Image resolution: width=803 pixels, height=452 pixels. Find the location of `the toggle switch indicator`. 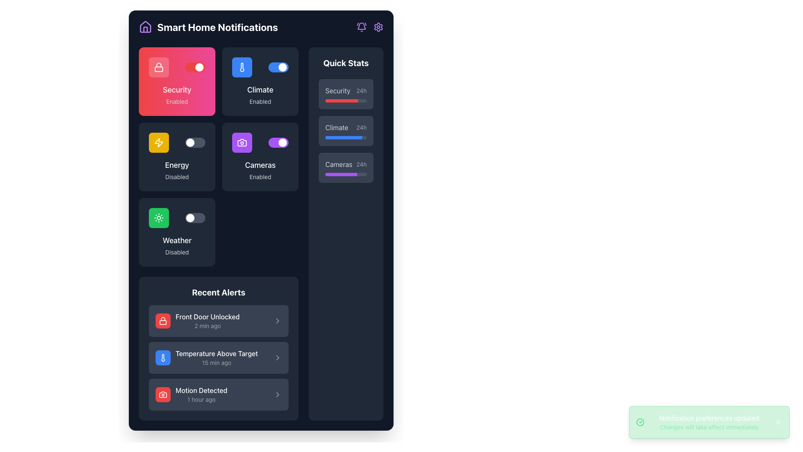

the toggle switch indicator is located at coordinates (283, 142).